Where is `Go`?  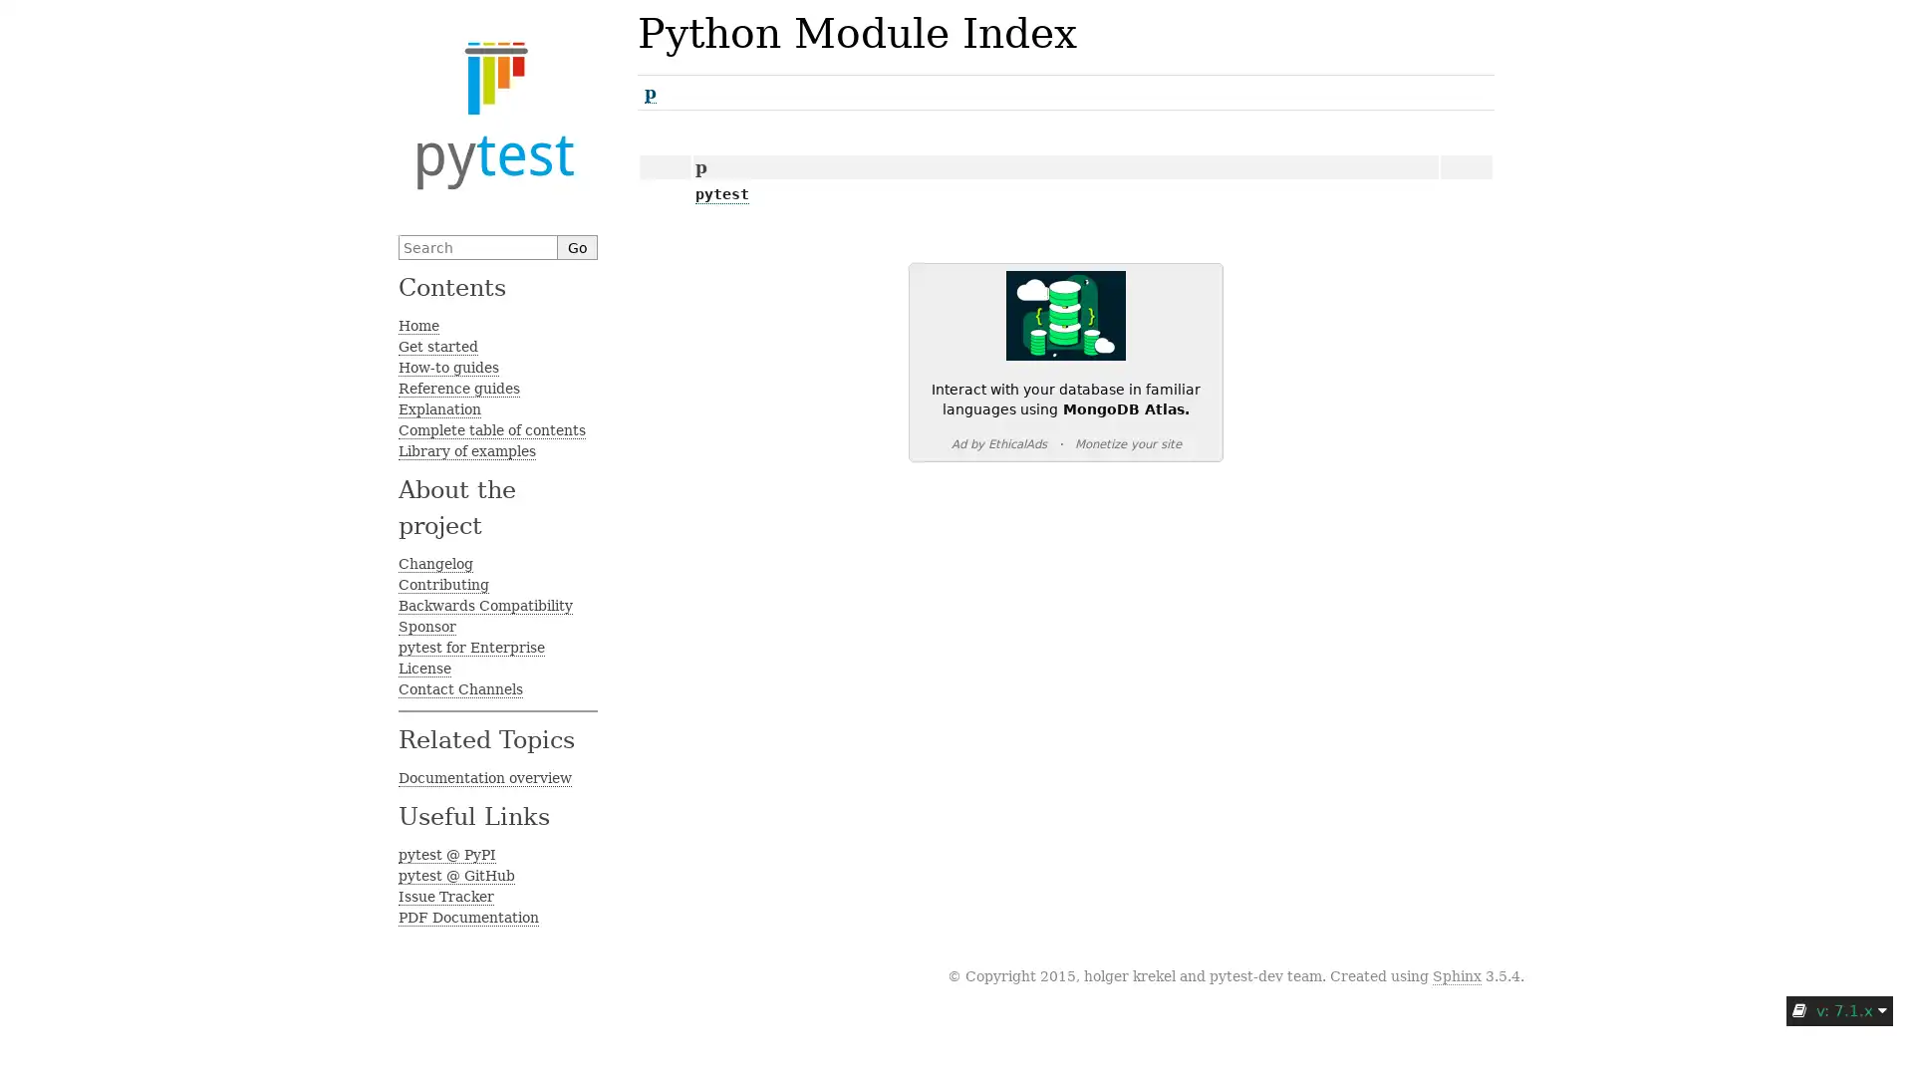
Go is located at coordinates (577, 246).